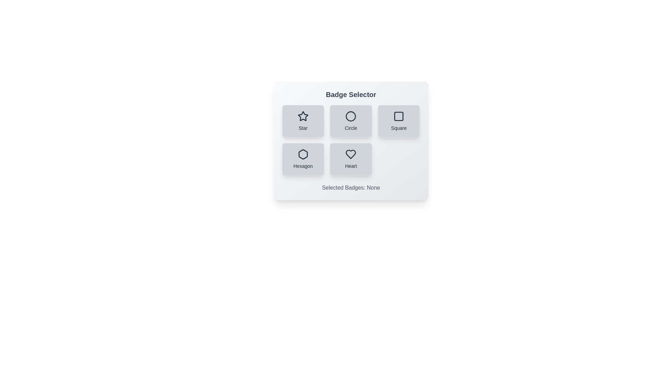  Describe the element at coordinates (399, 121) in the screenshot. I see `the badge button labeled Square to observe its visual feedback` at that location.